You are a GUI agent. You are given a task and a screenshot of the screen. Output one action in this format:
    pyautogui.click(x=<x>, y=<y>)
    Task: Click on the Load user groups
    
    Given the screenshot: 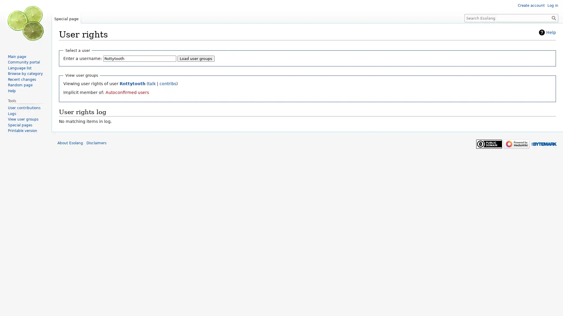 What is the action you would take?
    pyautogui.click(x=196, y=59)
    